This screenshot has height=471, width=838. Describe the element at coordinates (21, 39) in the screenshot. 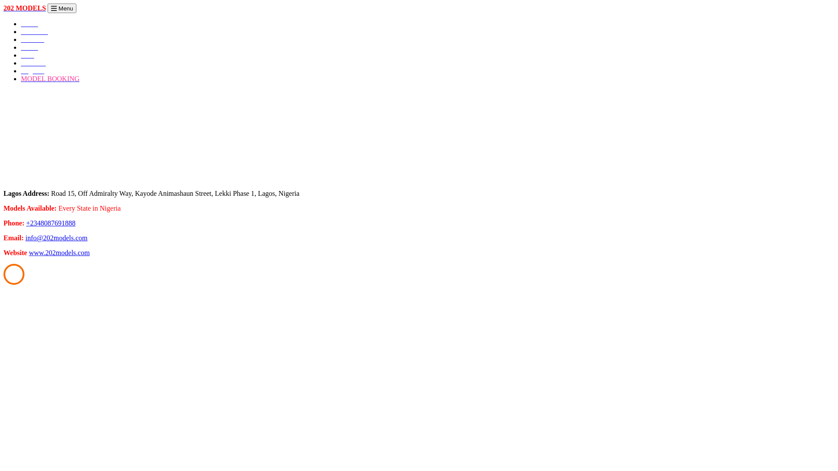

I see `'Females'` at that location.